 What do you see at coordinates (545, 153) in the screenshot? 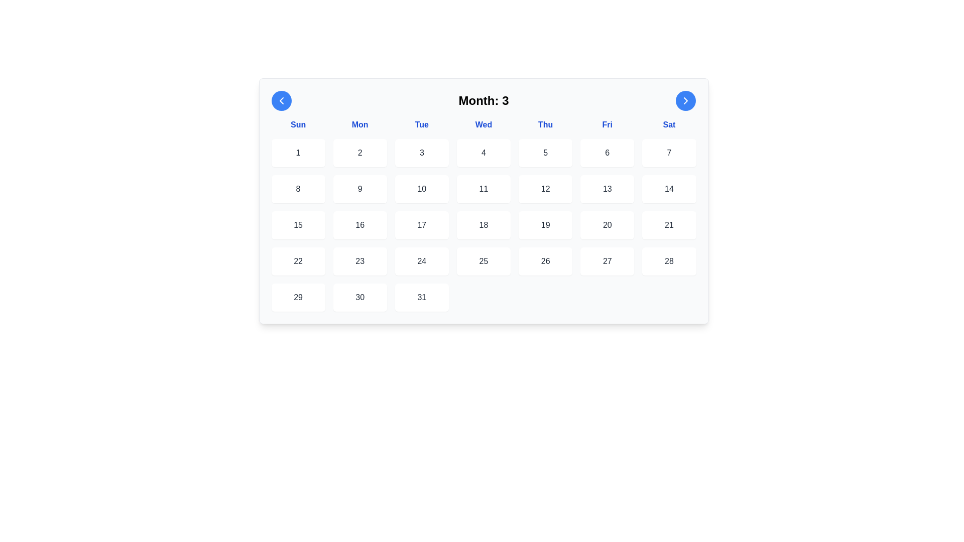
I see `the square-shaped date box displaying the number '5' in a calendar layout, which has a white background, rounded corners, and is positioned beneath the 'Thu' header` at bounding box center [545, 153].